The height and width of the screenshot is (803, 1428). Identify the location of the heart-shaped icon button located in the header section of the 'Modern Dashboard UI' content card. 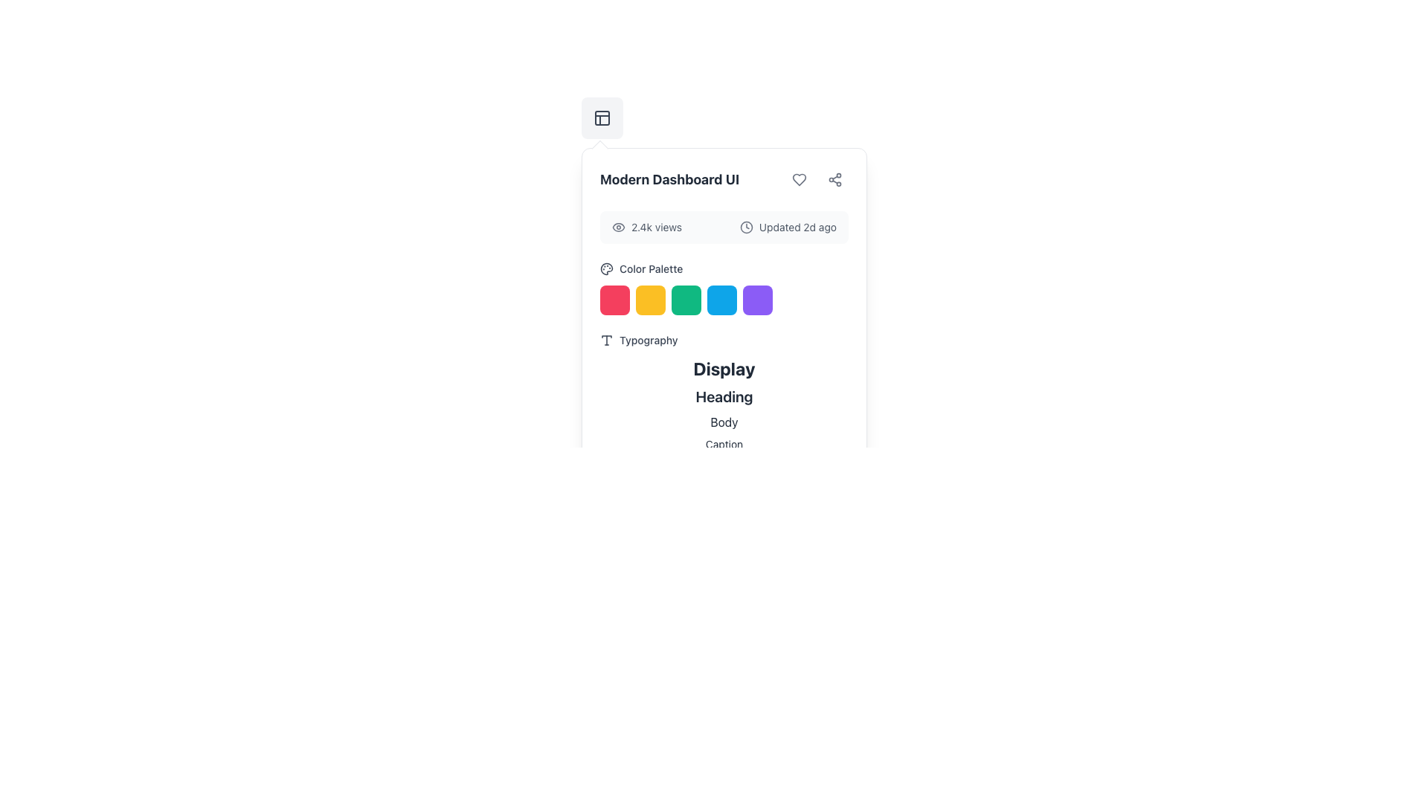
(799, 179).